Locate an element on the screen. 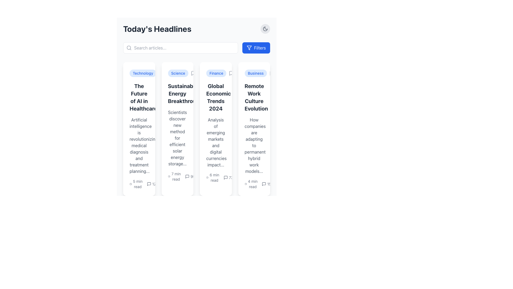 This screenshot has height=289, width=513. the Category label located at the top of the 'Remote Work Culture Evolution' card, aligned to the left of other controls is located at coordinates (255, 73).